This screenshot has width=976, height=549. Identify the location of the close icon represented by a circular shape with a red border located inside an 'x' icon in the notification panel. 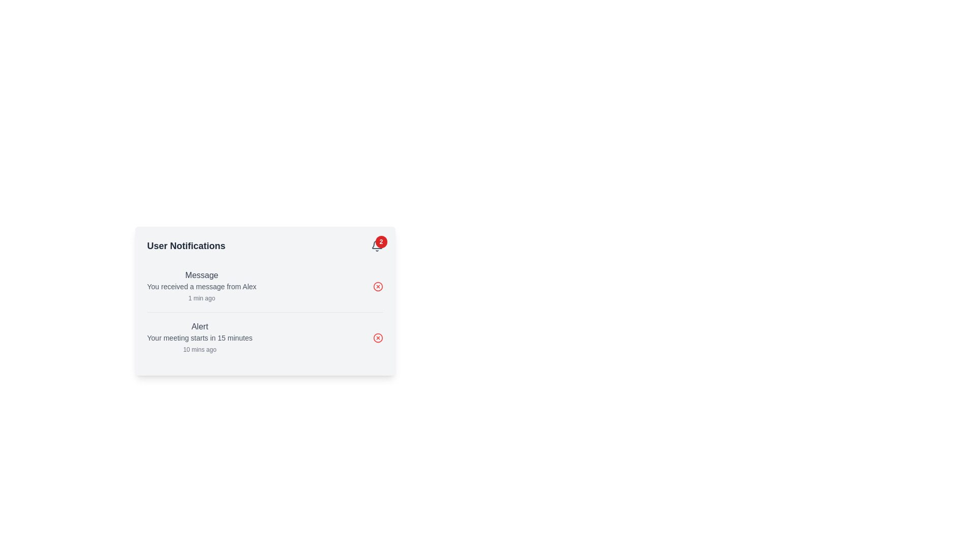
(377, 338).